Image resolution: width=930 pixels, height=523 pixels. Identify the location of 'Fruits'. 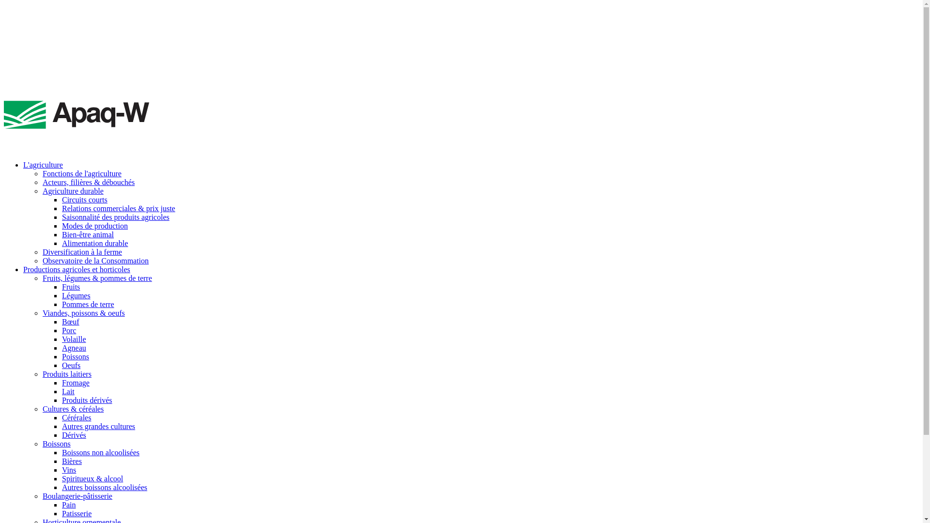
(70, 286).